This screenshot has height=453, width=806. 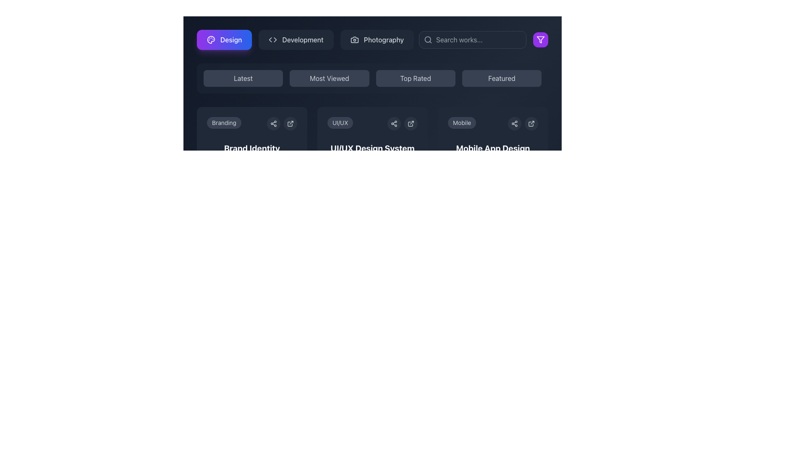 What do you see at coordinates (540, 40) in the screenshot?
I see `the filter icon button located on the top-right of the interface, next to the search box` at bounding box center [540, 40].